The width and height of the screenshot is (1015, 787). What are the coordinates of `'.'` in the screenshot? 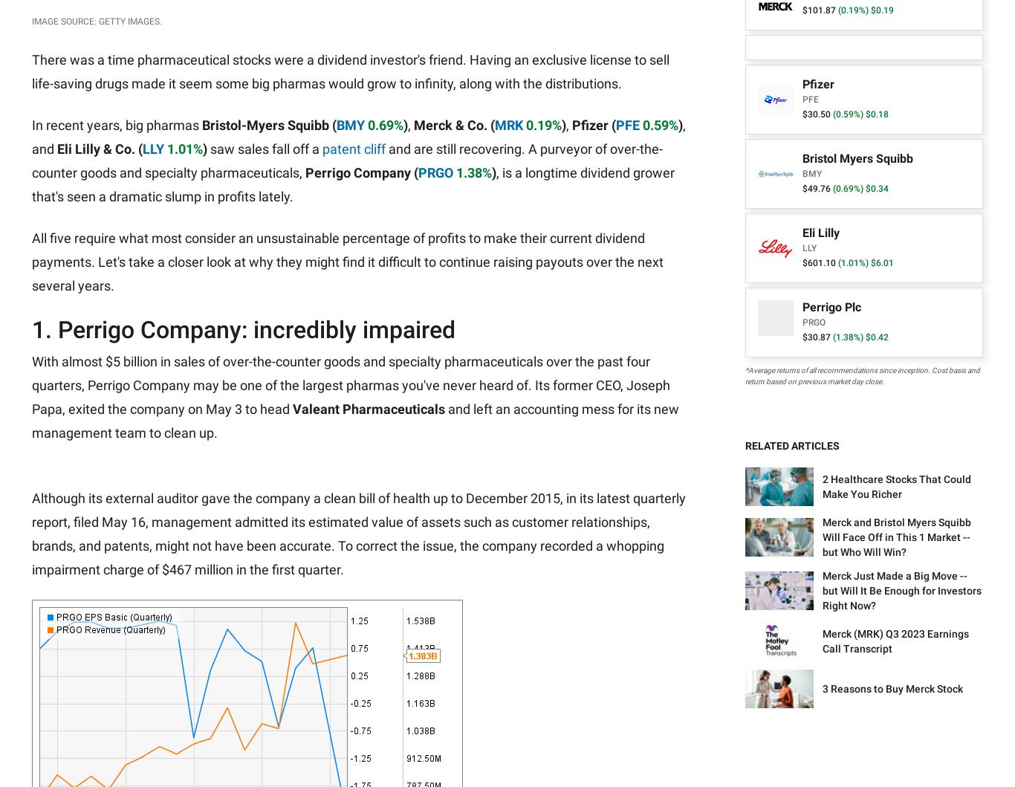 It's located at (581, 404).